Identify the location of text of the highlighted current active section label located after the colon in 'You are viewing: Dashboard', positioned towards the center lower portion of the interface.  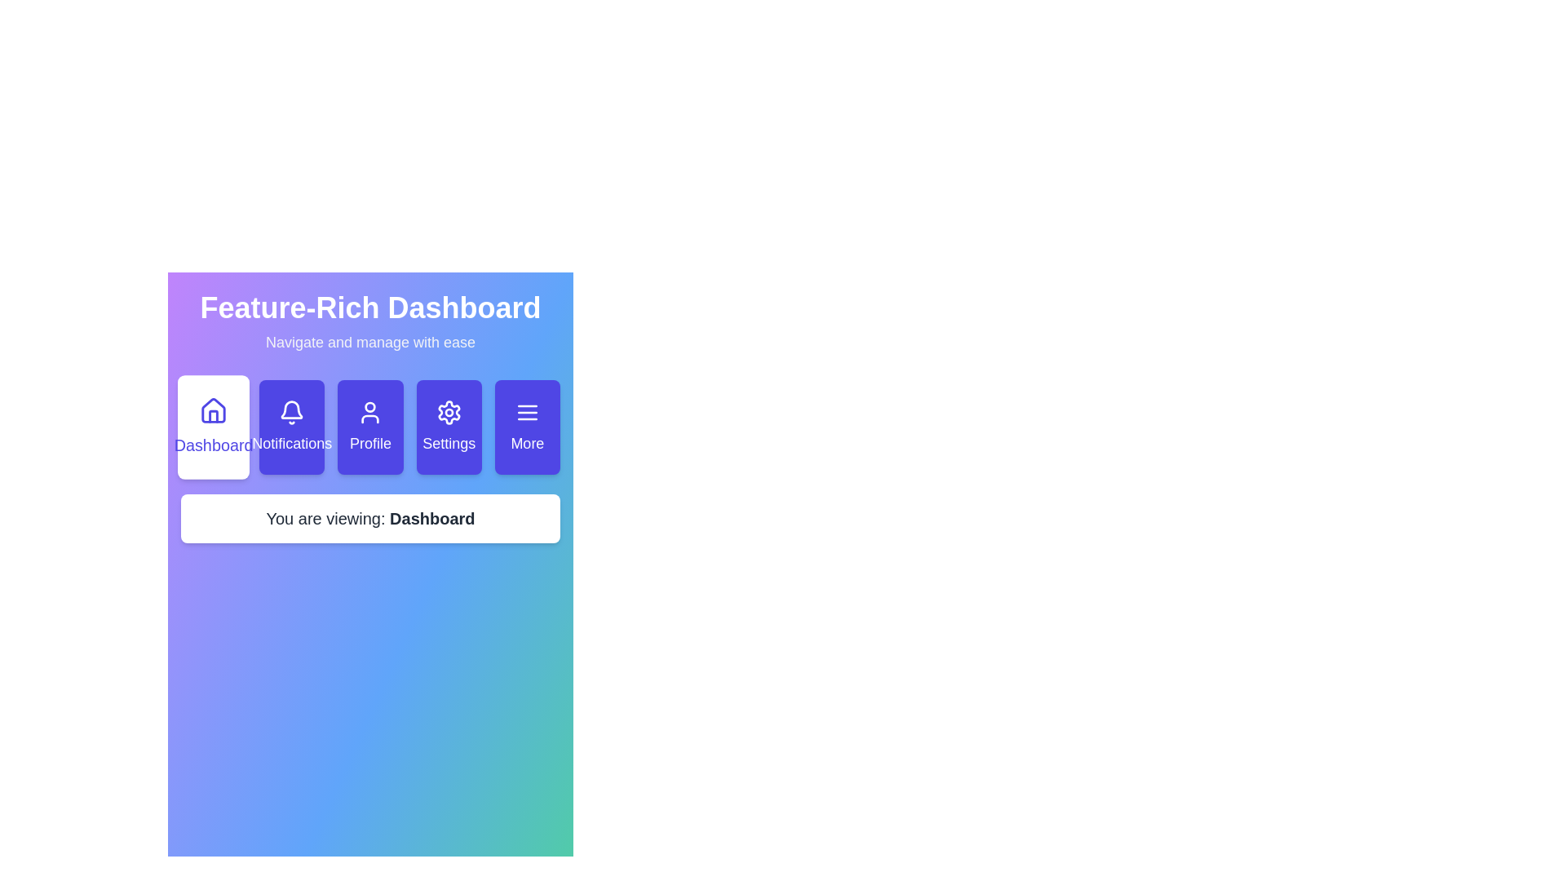
(432, 519).